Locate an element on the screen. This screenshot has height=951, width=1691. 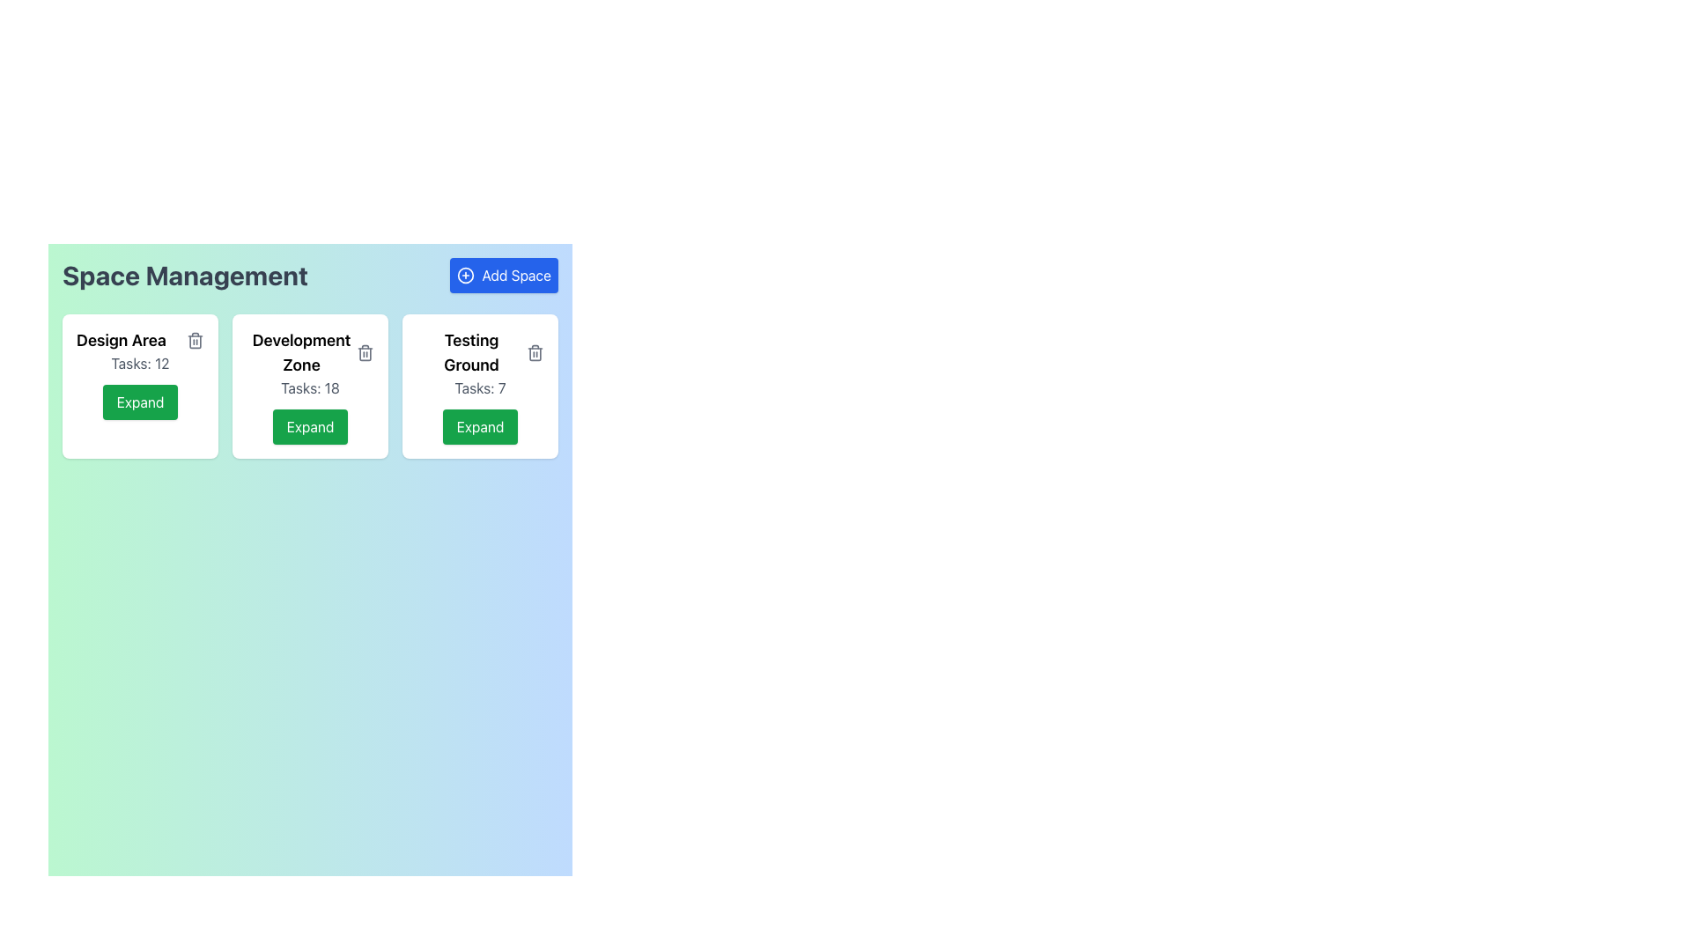
the delete button with a trash icon located at the top right corner of the Design Area section is located at coordinates (195, 340).